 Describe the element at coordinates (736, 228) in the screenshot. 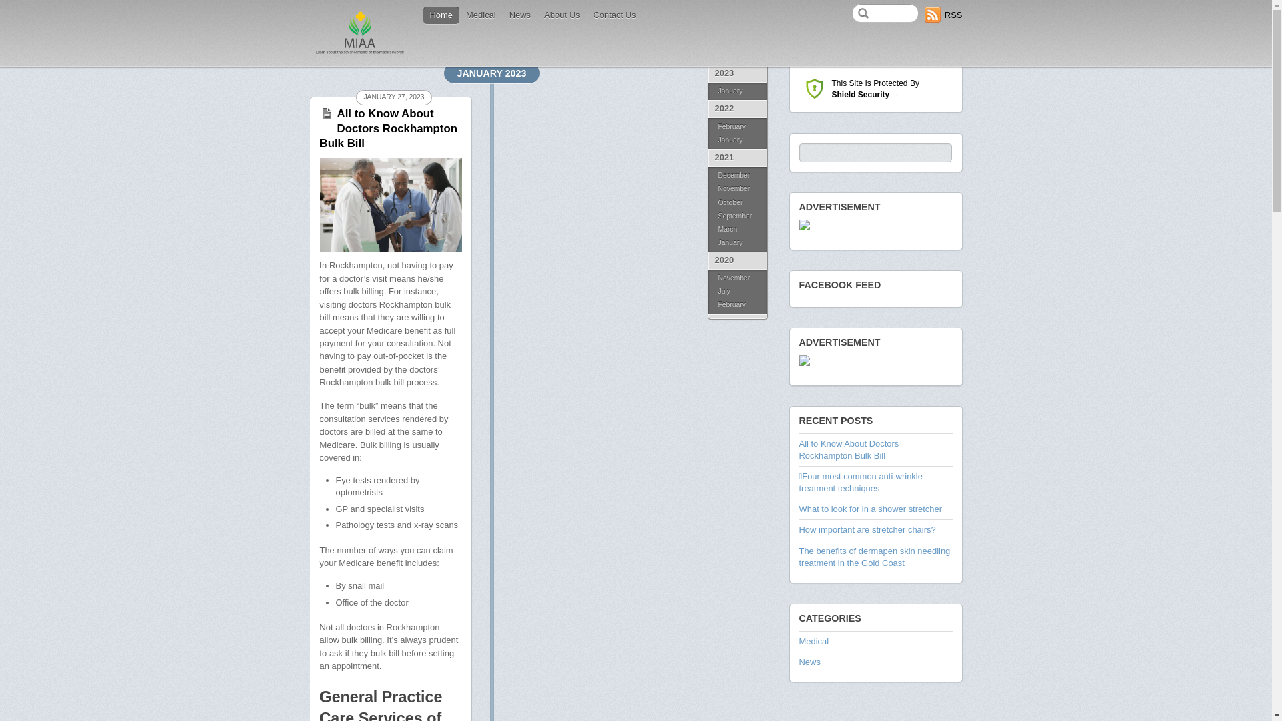

I see `'March'` at that location.